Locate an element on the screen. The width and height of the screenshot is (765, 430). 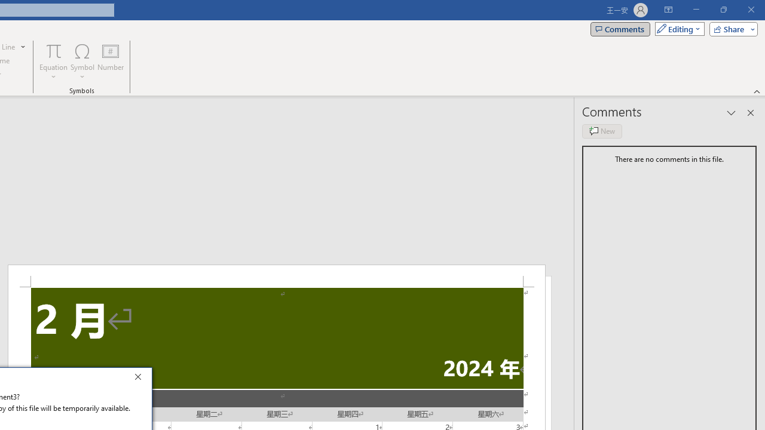
'Symbol' is located at coordinates (82, 62).